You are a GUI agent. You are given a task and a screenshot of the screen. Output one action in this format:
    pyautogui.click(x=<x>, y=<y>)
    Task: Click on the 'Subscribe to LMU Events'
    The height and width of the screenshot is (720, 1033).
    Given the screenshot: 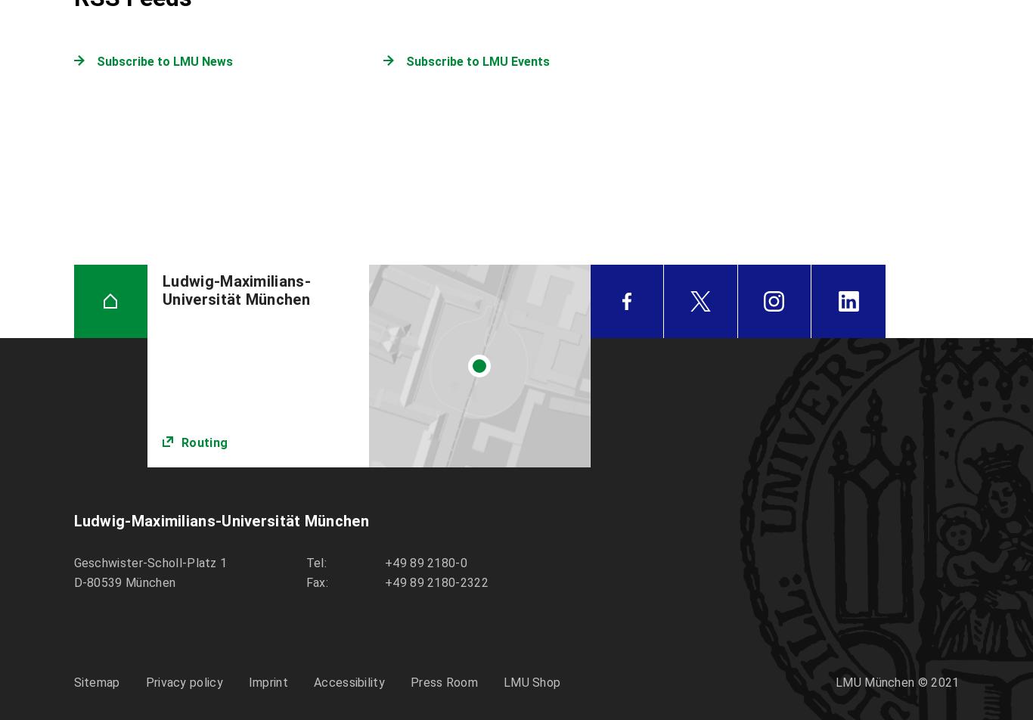 What is the action you would take?
    pyautogui.click(x=477, y=61)
    